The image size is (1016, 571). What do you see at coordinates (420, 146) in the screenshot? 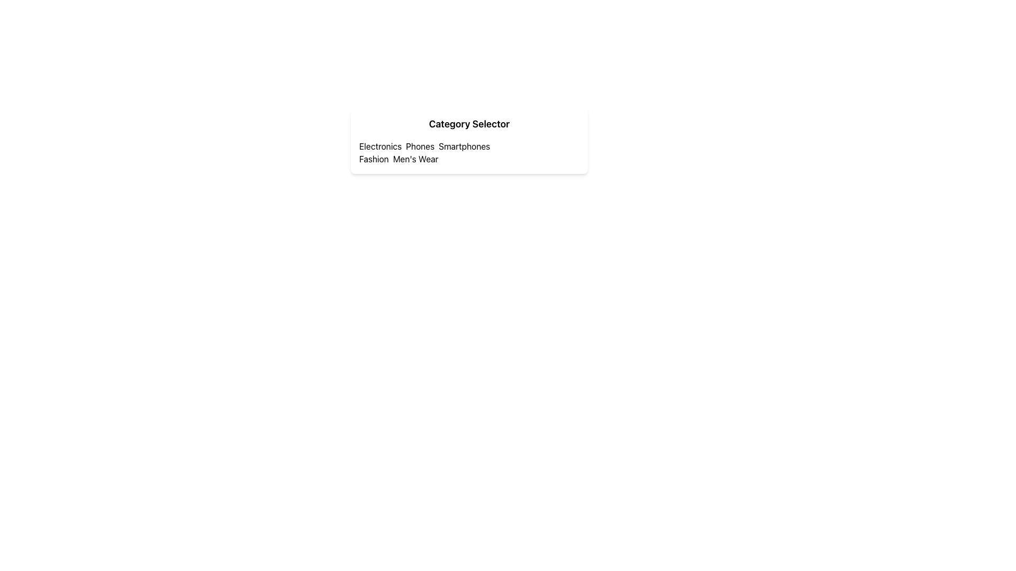
I see `the text label that identifies the 'Phones' category in the category selector` at bounding box center [420, 146].